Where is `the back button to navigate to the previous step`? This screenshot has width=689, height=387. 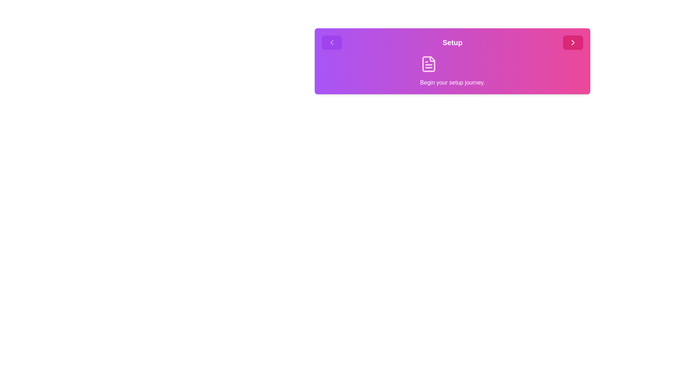 the back button to navigate to the previous step is located at coordinates (332, 43).